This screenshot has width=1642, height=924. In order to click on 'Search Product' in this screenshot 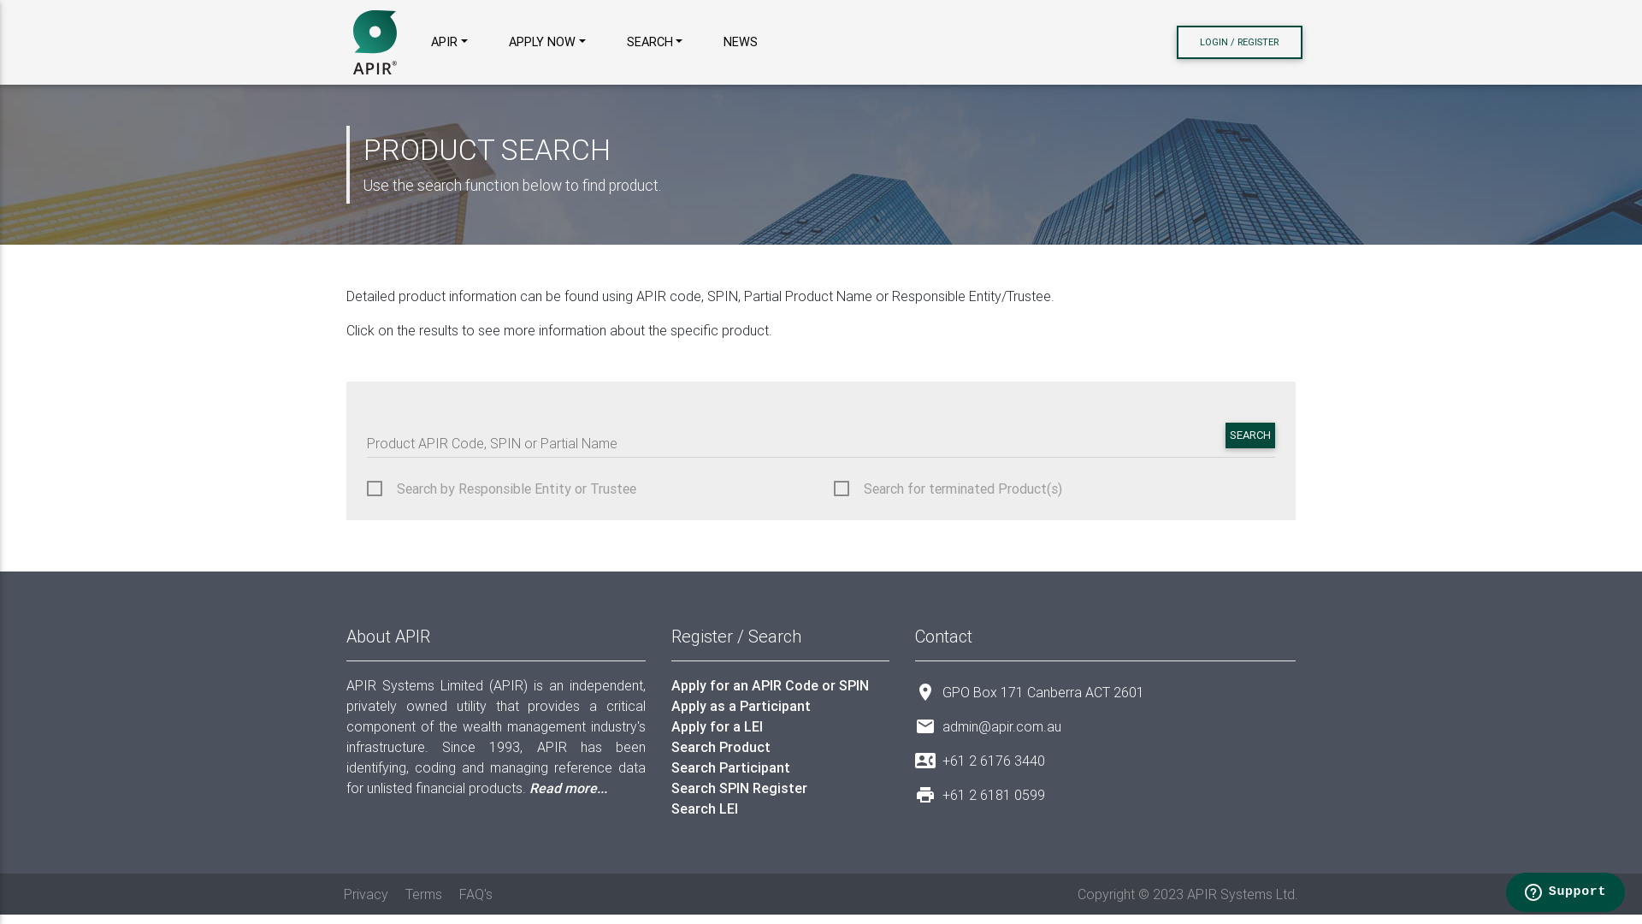, I will do `click(779, 745)`.